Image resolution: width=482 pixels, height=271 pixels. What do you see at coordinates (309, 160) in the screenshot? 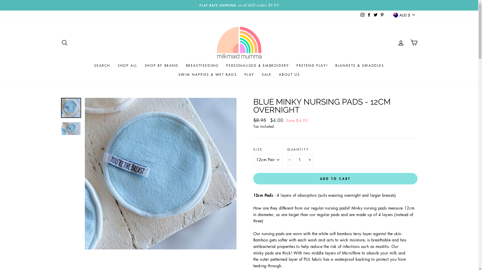
I see `'+'` at bounding box center [309, 160].